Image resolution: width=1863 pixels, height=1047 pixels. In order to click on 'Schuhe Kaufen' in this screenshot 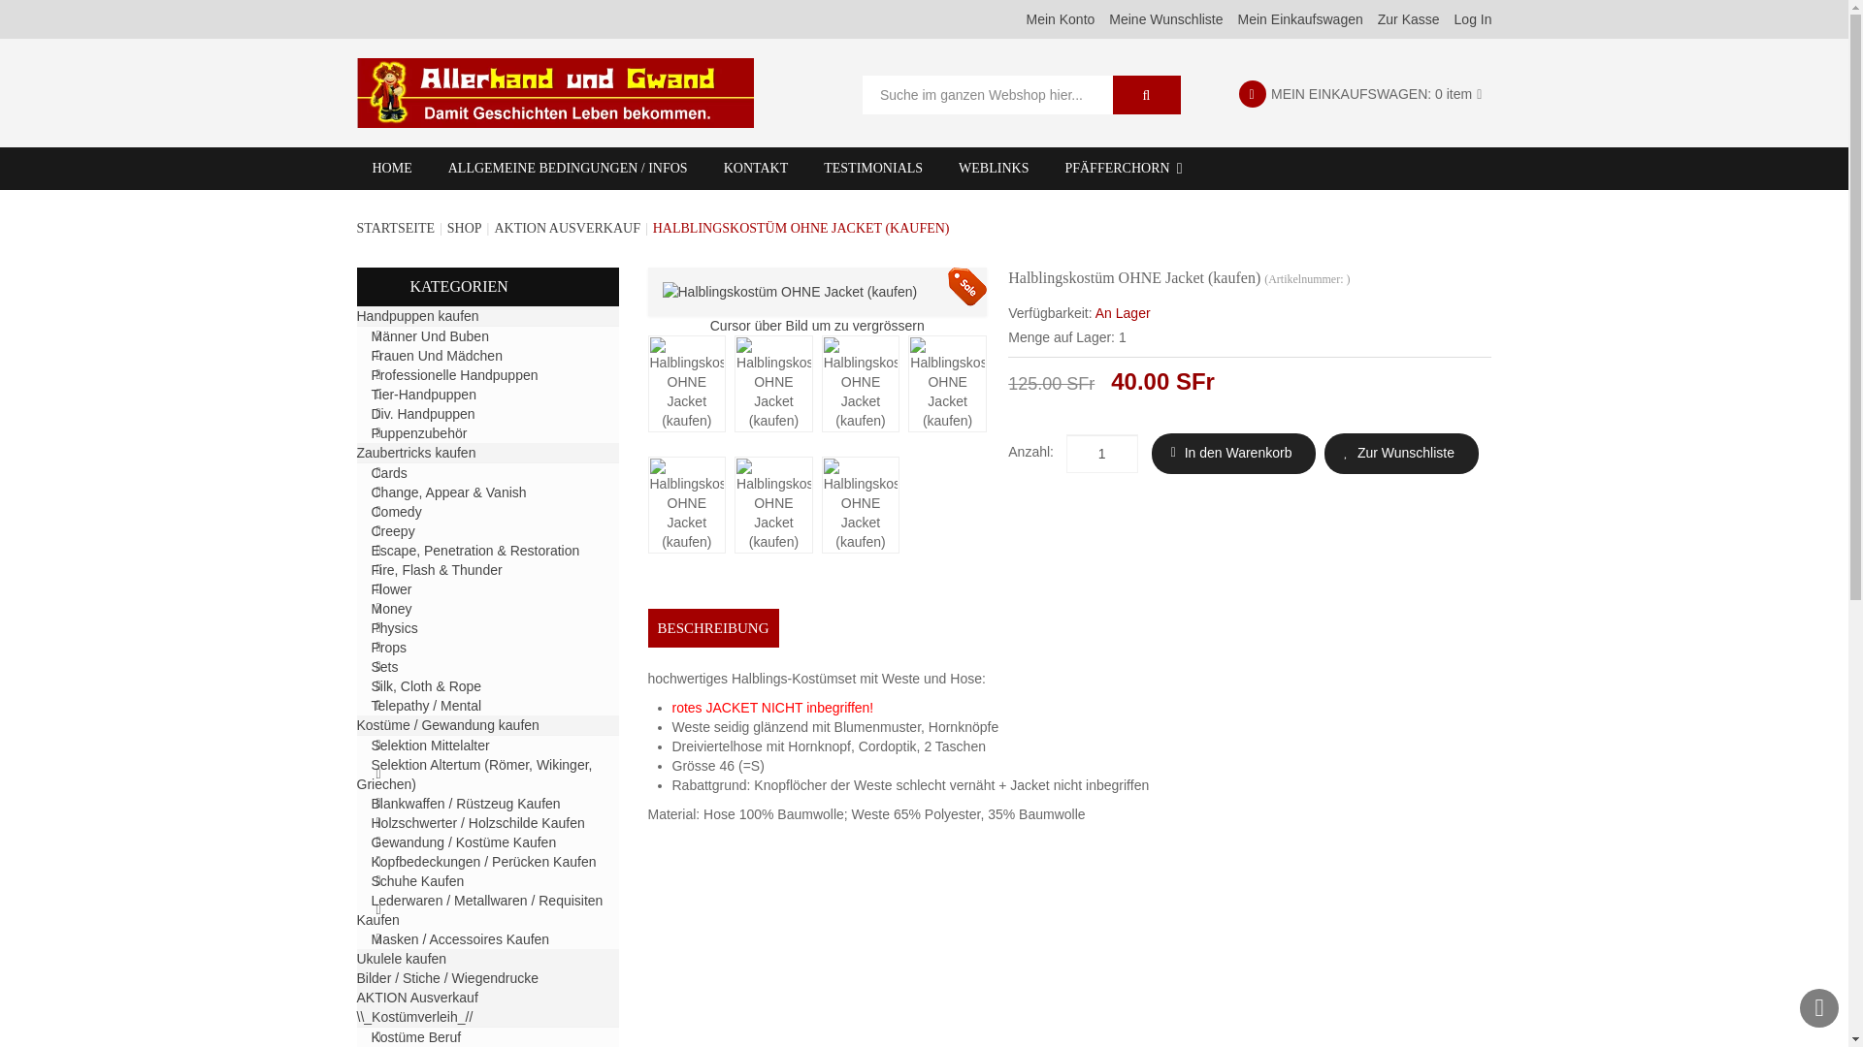, I will do `click(416, 881)`.